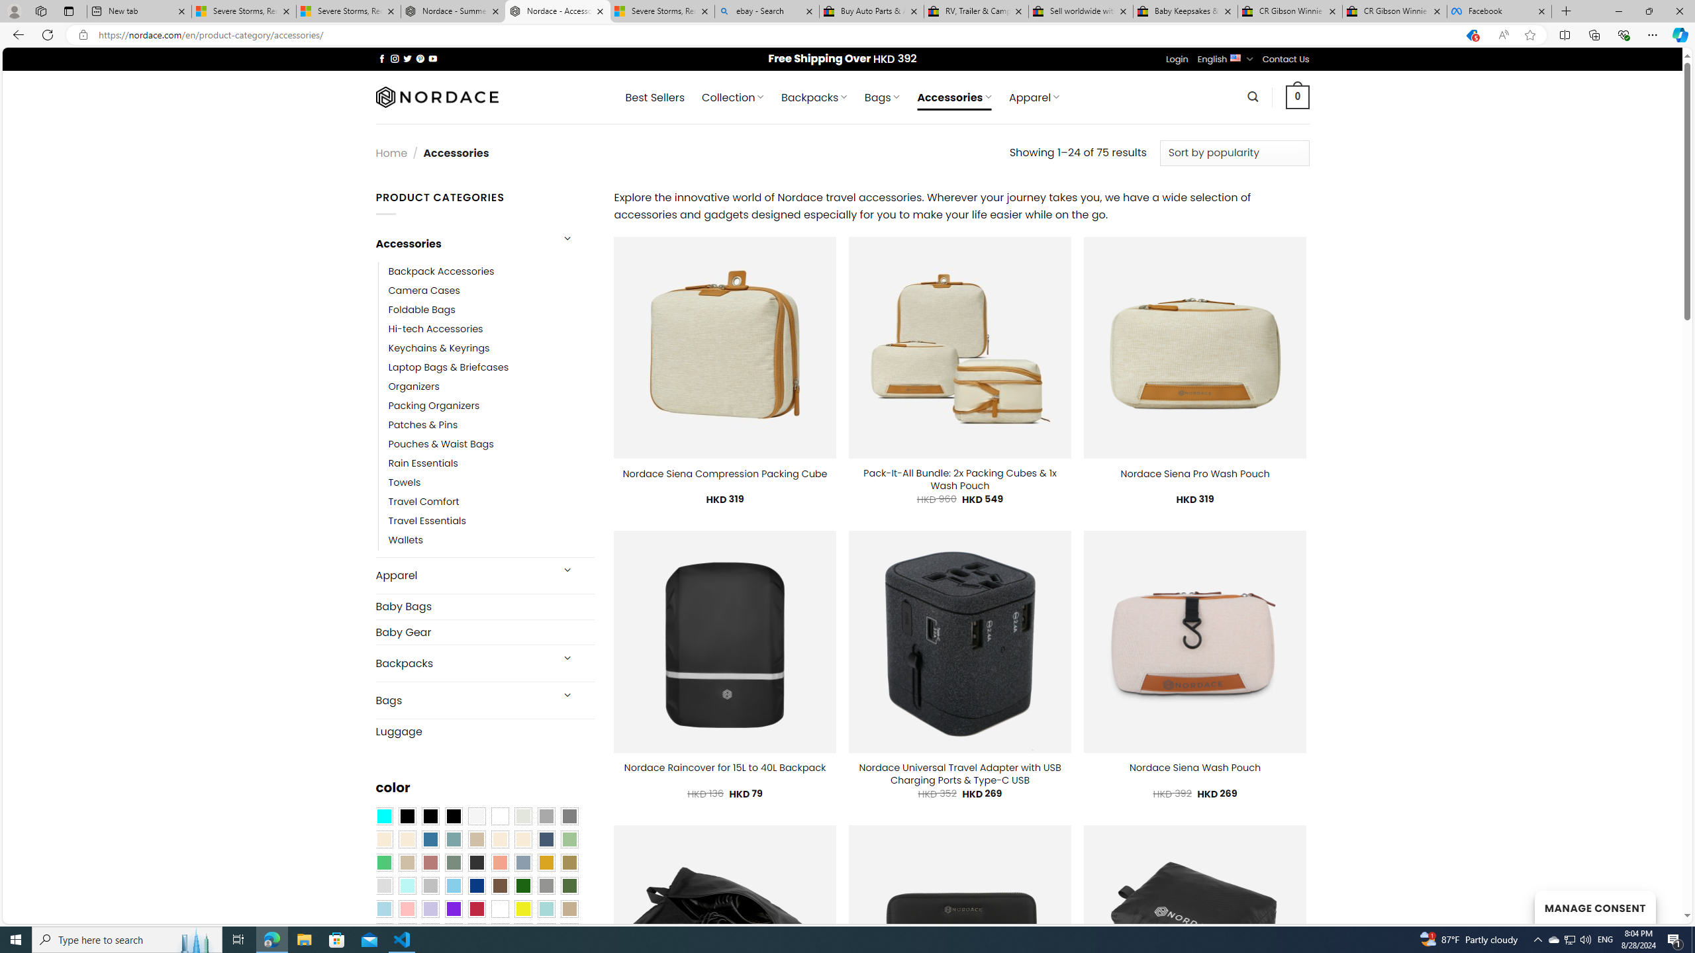  Describe the element at coordinates (391, 152) in the screenshot. I see `'Home'` at that location.